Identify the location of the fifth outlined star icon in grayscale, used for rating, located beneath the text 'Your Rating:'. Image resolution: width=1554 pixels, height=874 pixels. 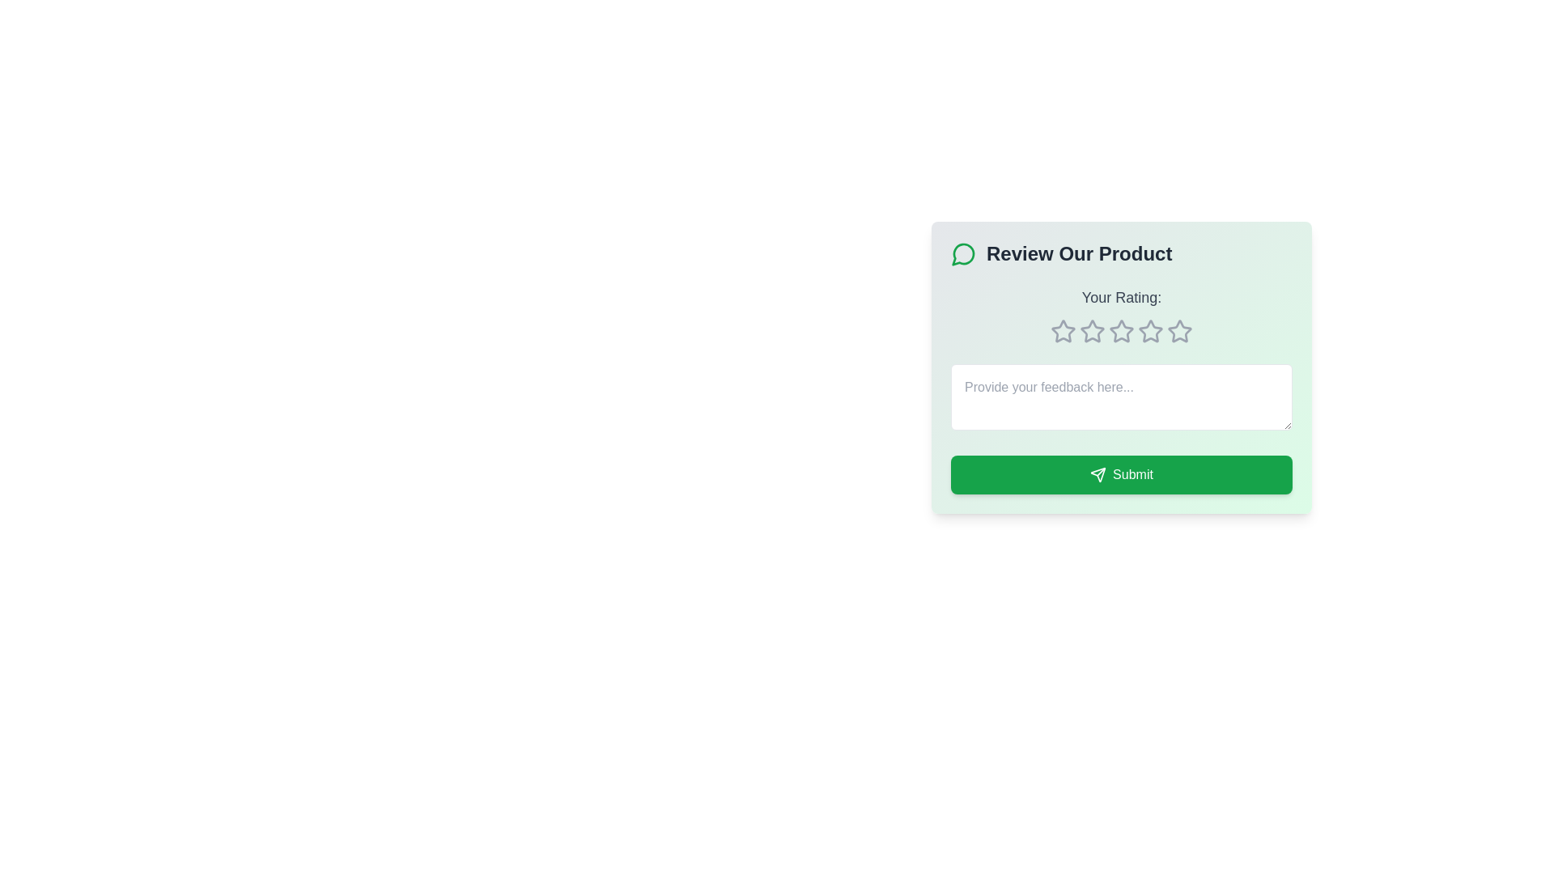
(1121, 330).